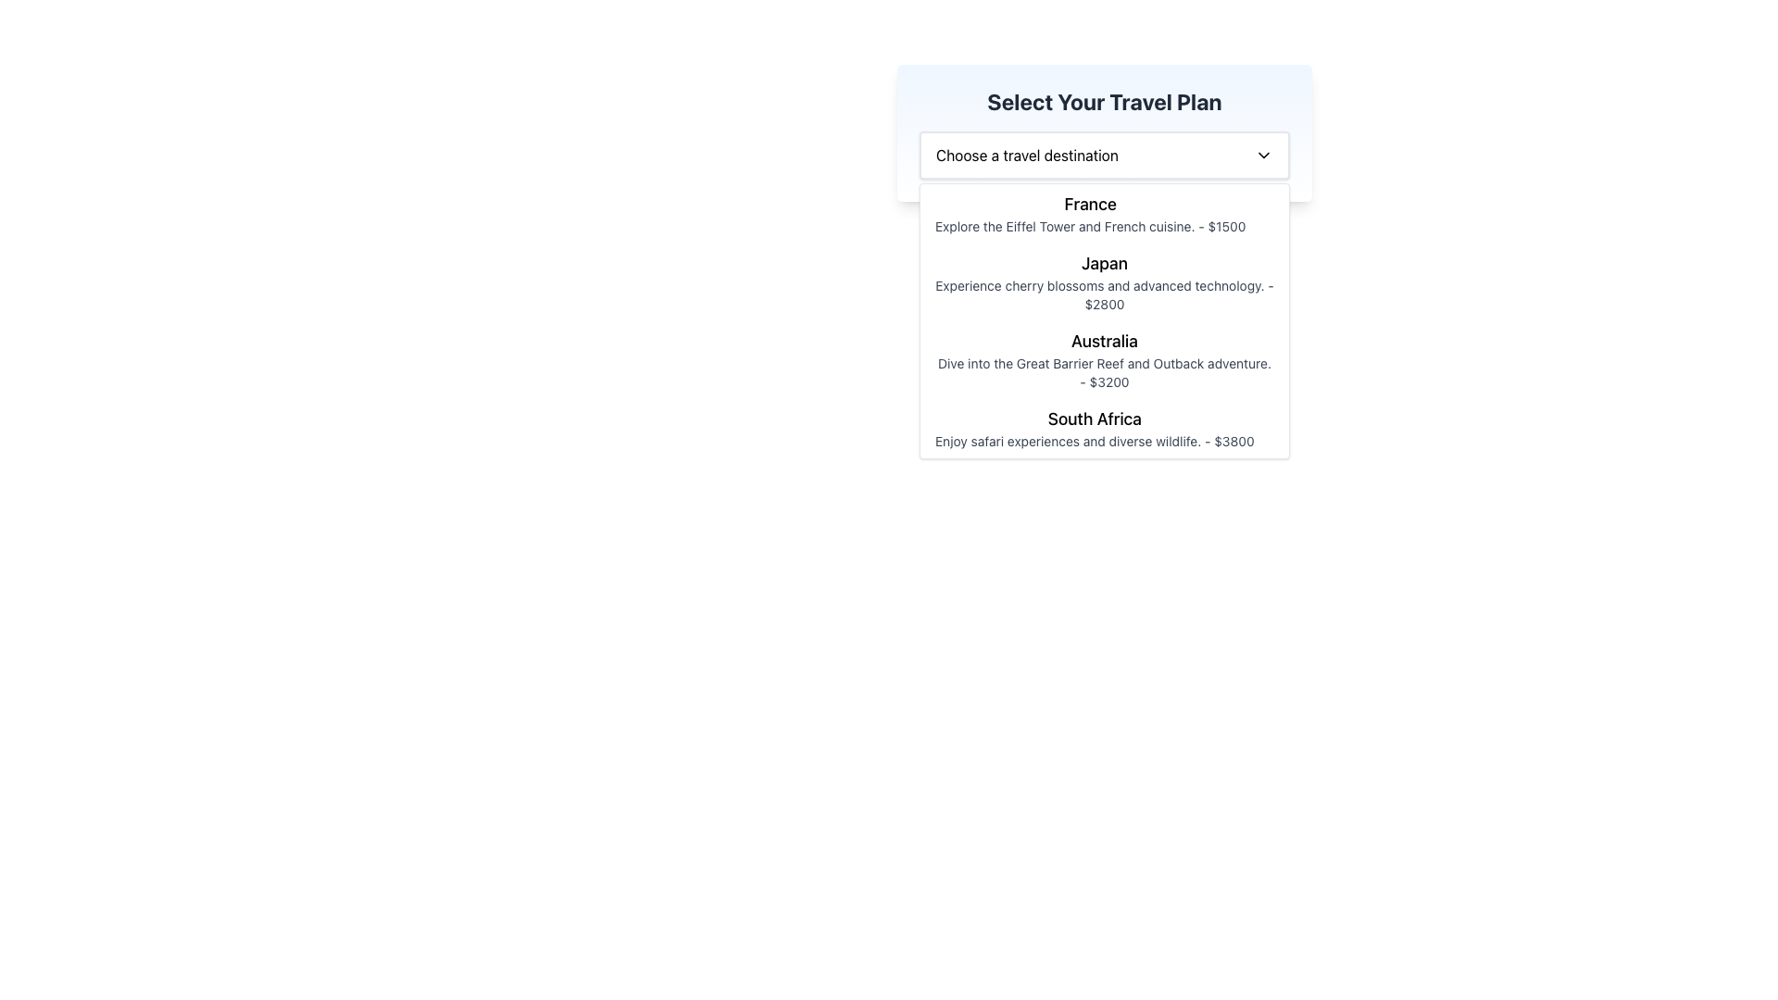 The height and width of the screenshot is (1000, 1778). What do you see at coordinates (1095, 442) in the screenshot?
I see `the descriptive text element that reads 'Enjoy safari experiences and diverse wildlife. - $3800', which is positioned under the 'South Africa' title` at bounding box center [1095, 442].